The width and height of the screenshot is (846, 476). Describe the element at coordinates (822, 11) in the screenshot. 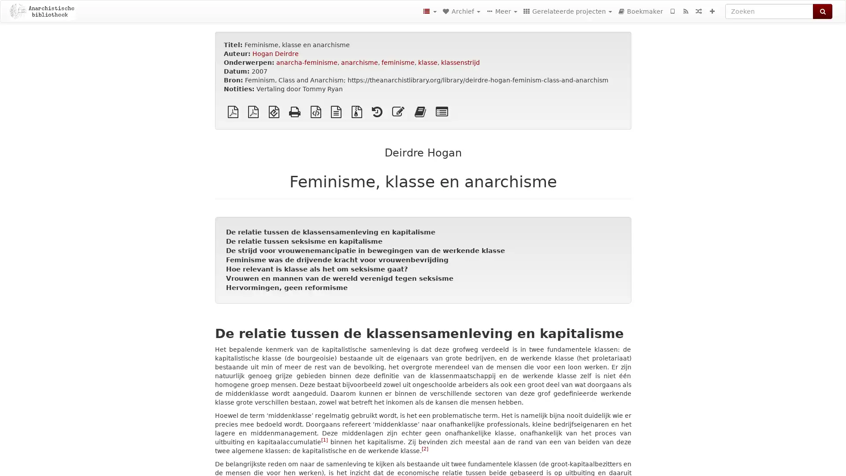

I see `Zoeken` at that location.